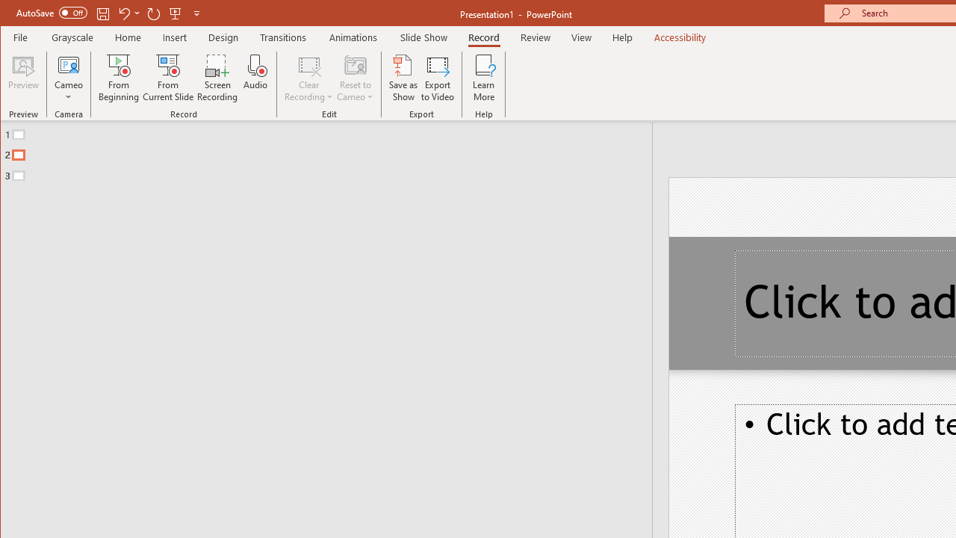 The image size is (956, 538). Describe the element at coordinates (355, 78) in the screenshot. I see `'Reset to Cameo'` at that location.